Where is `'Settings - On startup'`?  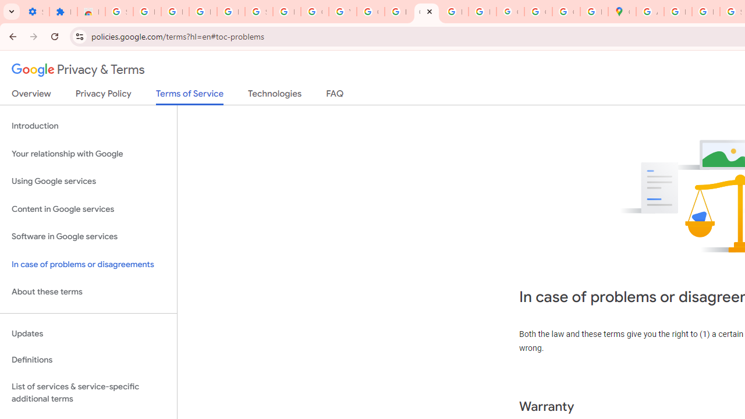 'Settings - On startup' is located at coordinates (35, 12).